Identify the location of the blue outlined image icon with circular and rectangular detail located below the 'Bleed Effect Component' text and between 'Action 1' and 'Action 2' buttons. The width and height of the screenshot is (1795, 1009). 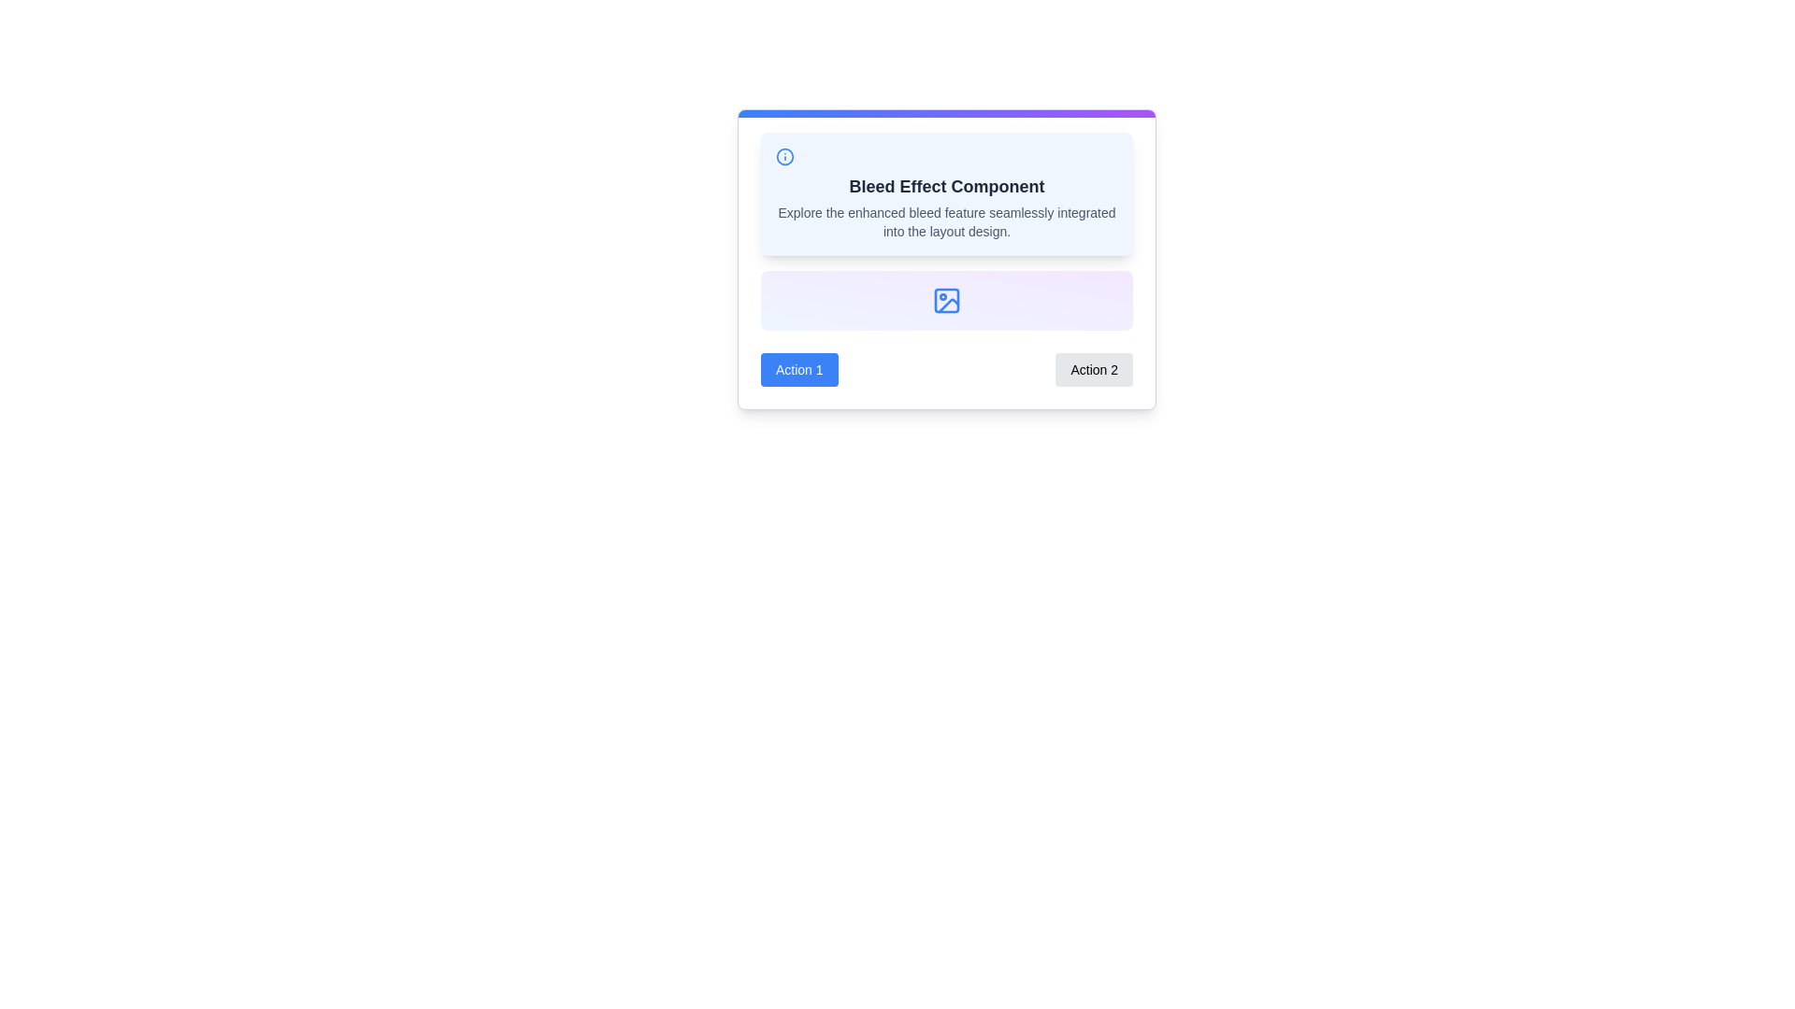
(946, 299).